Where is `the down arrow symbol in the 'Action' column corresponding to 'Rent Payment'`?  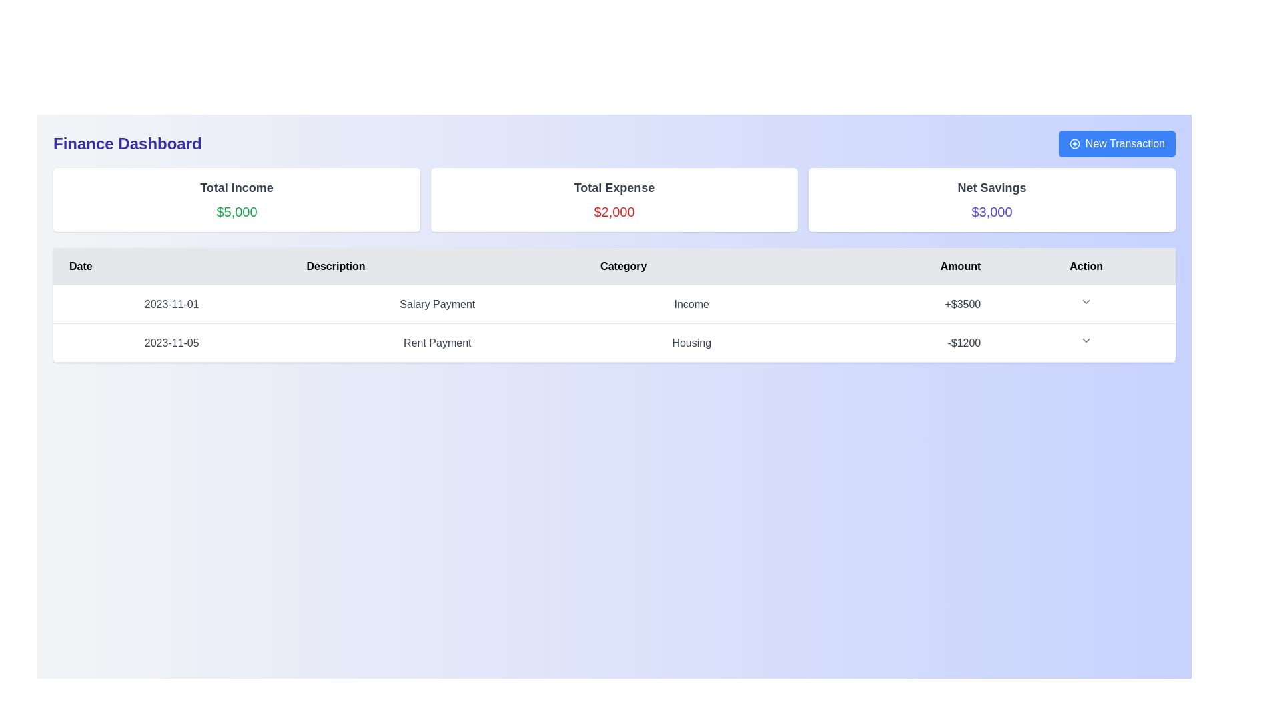
the down arrow symbol in the 'Action' column corresponding to 'Rent Payment' is located at coordinates (1086, 342).